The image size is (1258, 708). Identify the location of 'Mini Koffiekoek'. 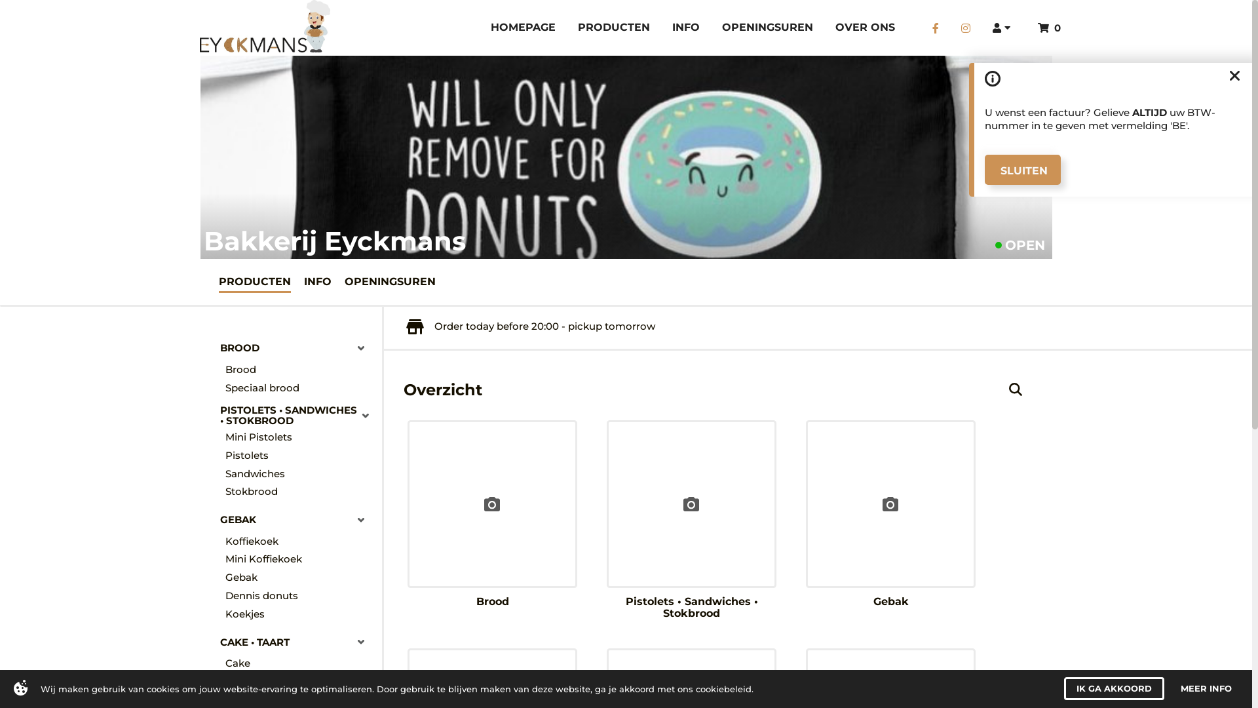
(299, 559).